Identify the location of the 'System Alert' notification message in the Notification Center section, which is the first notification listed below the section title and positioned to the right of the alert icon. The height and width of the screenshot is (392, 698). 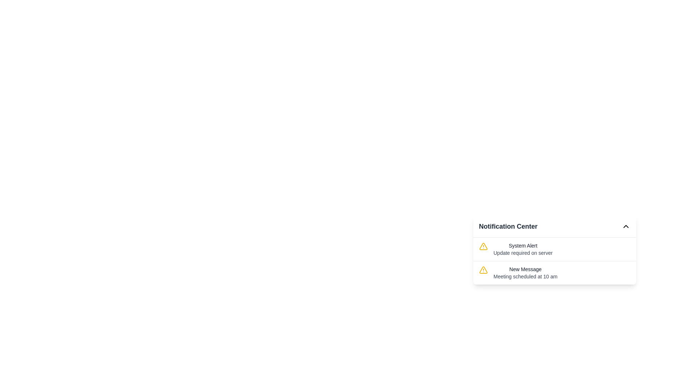
(522, 249).